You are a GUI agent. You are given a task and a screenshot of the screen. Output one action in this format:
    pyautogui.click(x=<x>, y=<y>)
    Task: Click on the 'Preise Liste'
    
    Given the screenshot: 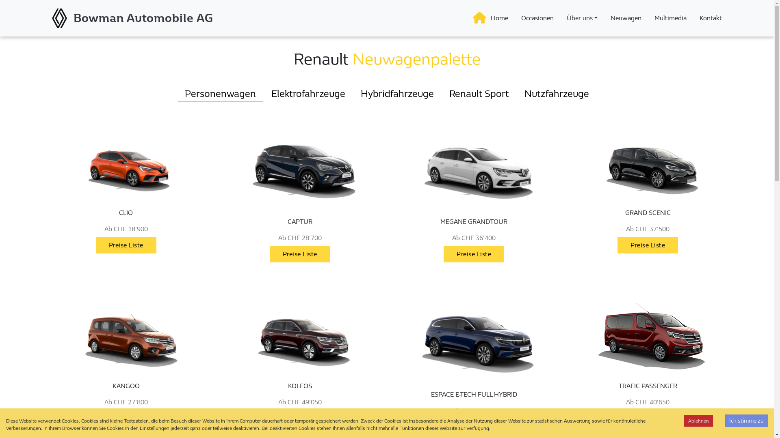 What is the action you would take?
    pyautogui.click(x=474, y=426)
    